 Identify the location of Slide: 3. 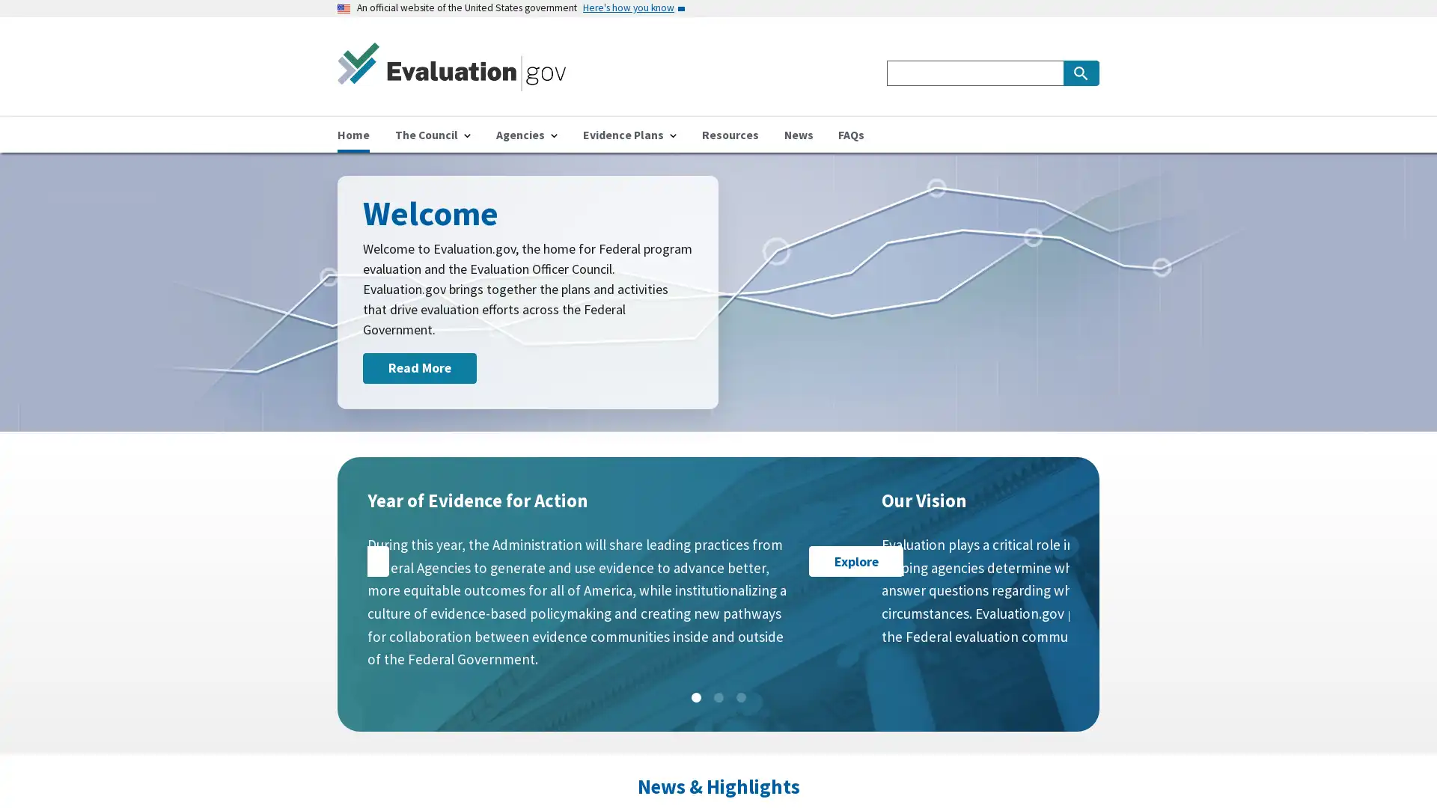
(740, 675).